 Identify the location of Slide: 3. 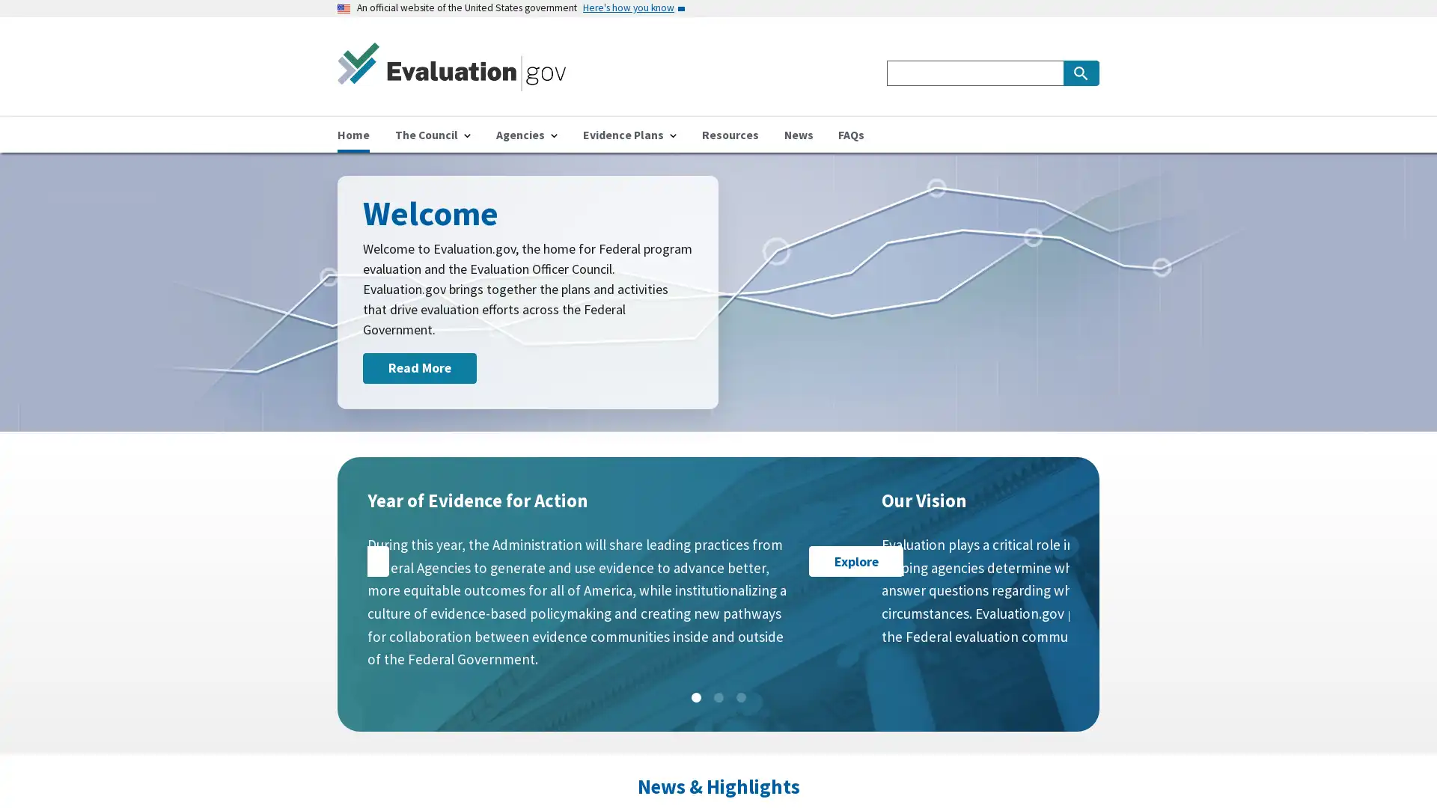
(740, 675).